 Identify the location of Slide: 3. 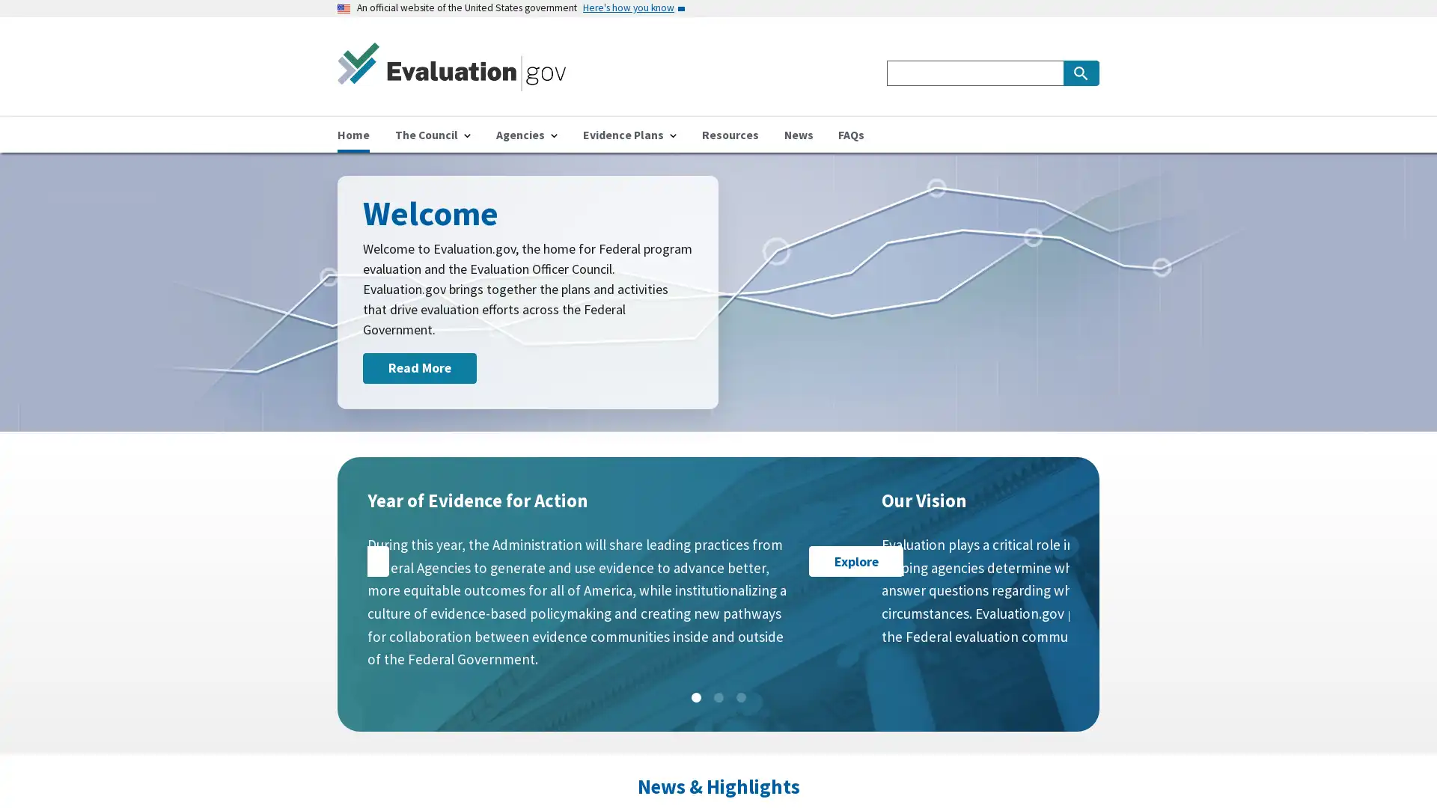
(740, 675).